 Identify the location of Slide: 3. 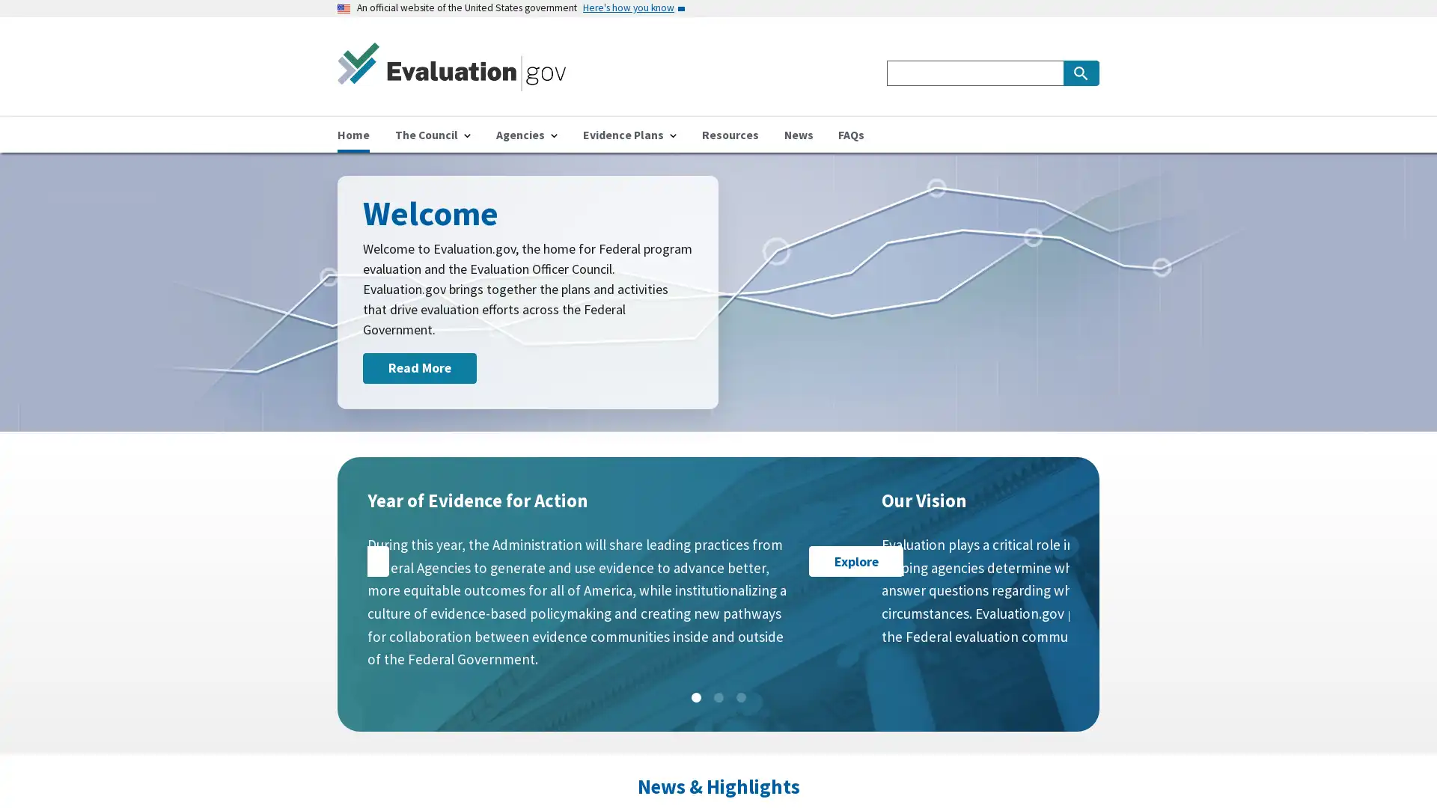
(740, 675).